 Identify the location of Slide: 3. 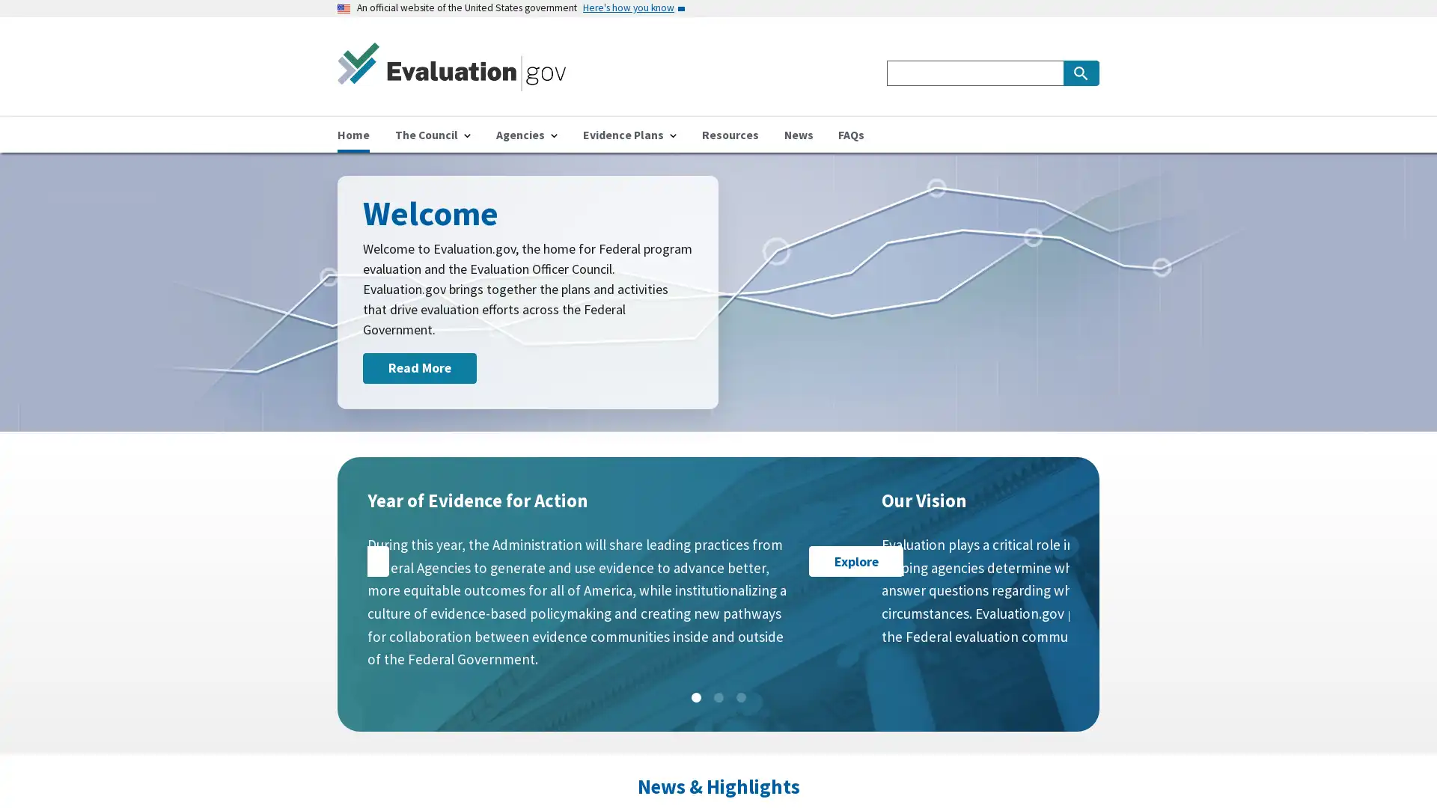
(740, 675).